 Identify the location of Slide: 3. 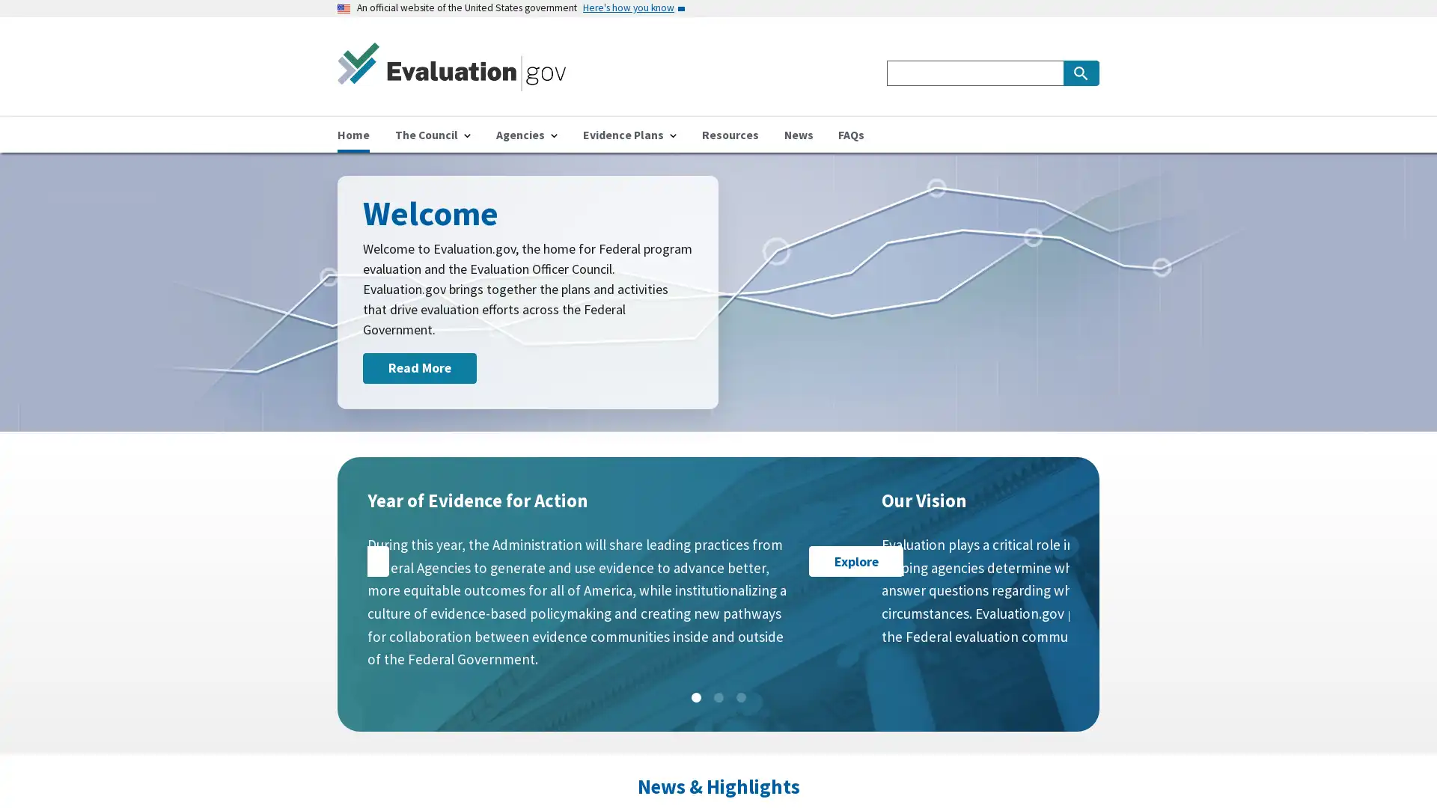
(740, 675).